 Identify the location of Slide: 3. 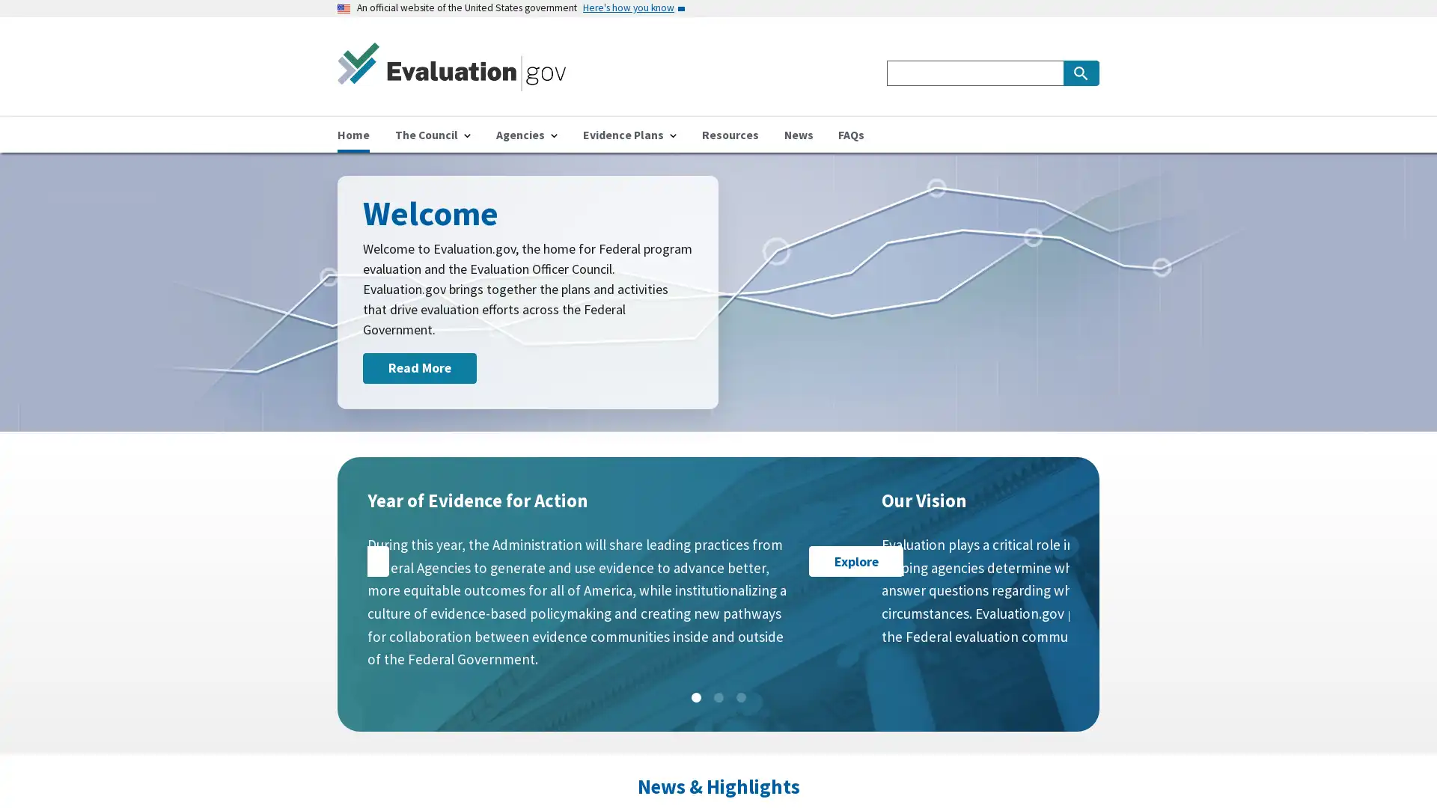
(740, 675).